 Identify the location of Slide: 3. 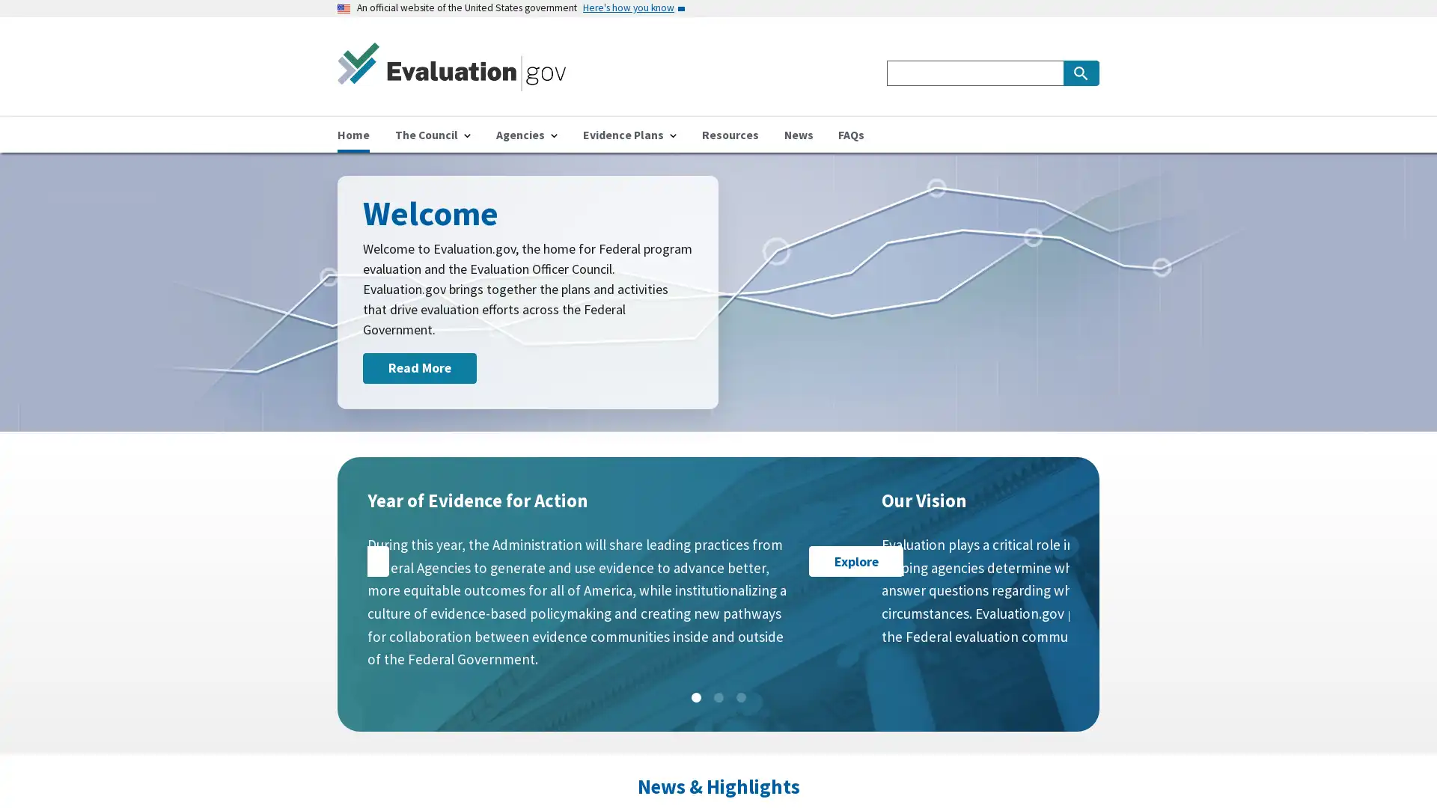
(740, 675).